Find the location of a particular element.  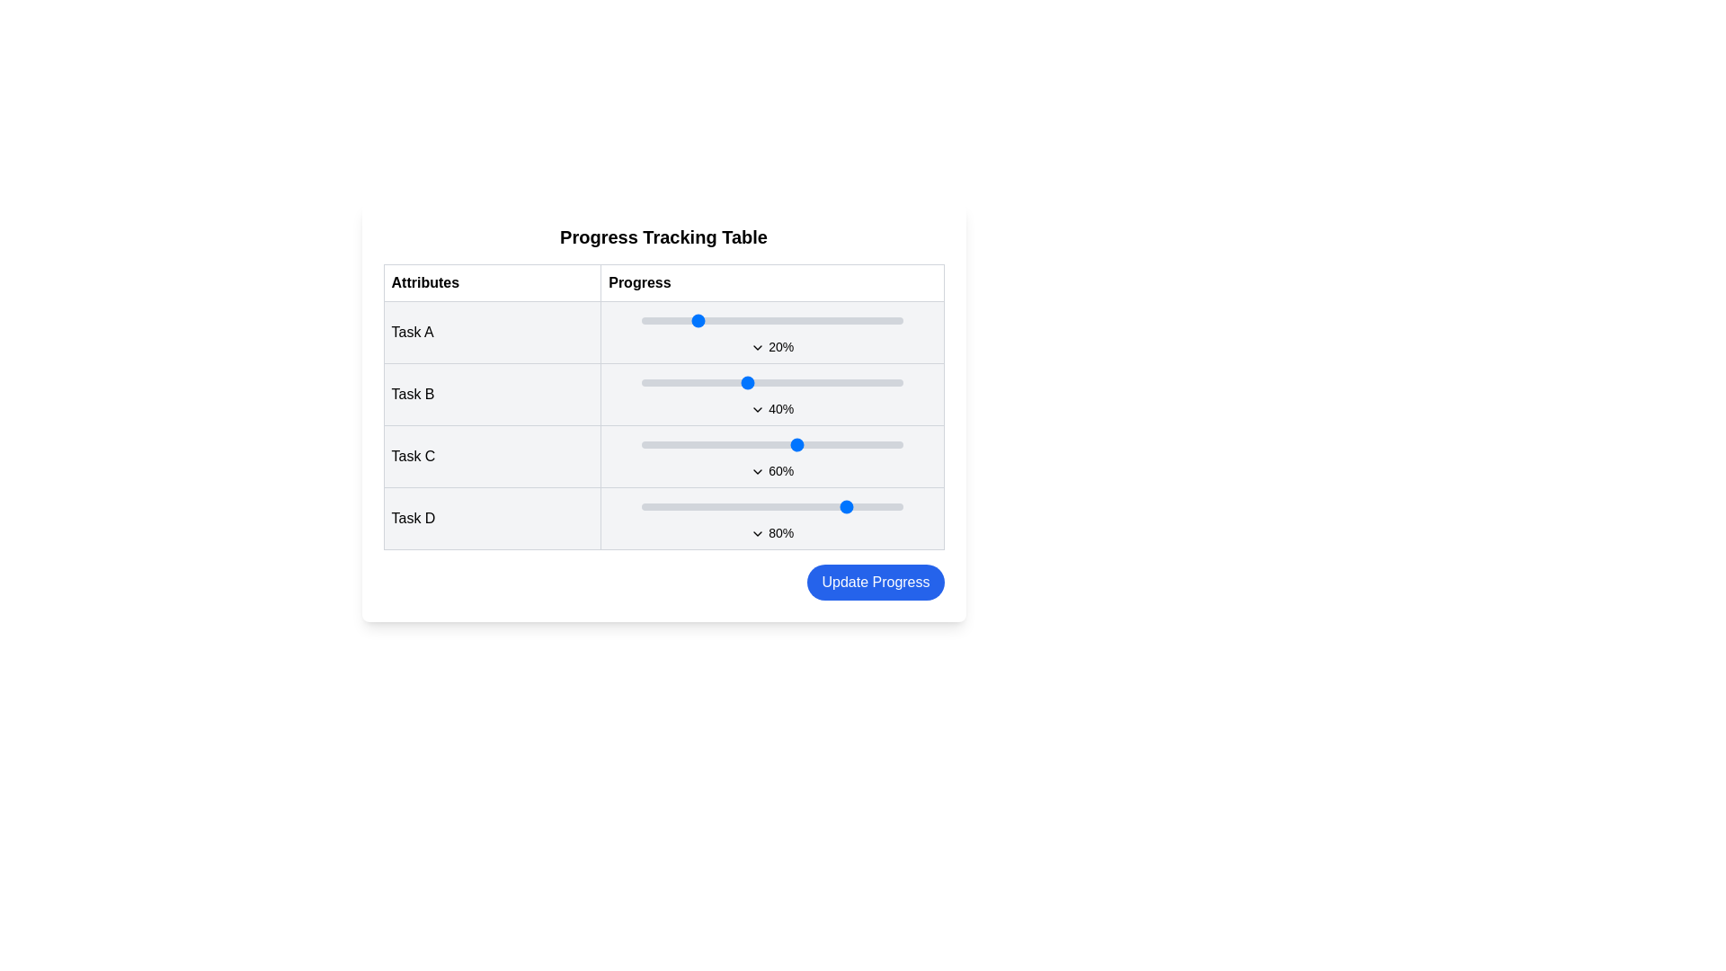

the progress for task B is located at coordinates (641, 381).